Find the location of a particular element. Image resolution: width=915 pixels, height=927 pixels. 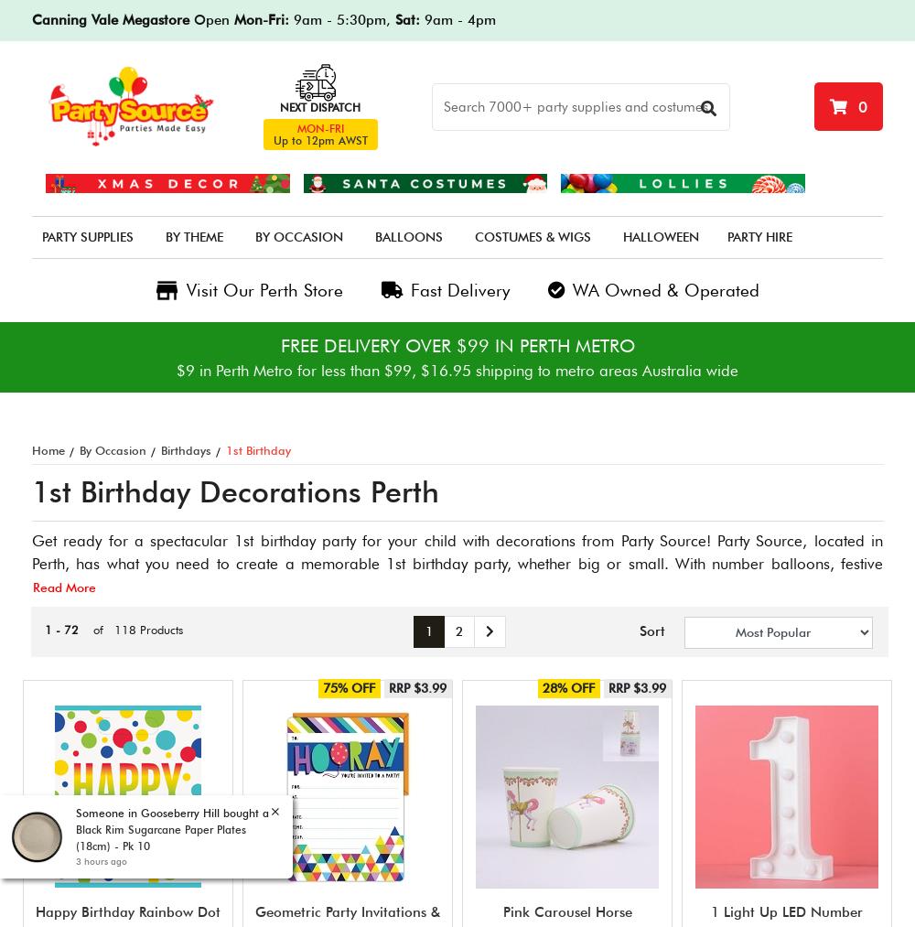

'By Theme' is located at coordinates (193, 236).